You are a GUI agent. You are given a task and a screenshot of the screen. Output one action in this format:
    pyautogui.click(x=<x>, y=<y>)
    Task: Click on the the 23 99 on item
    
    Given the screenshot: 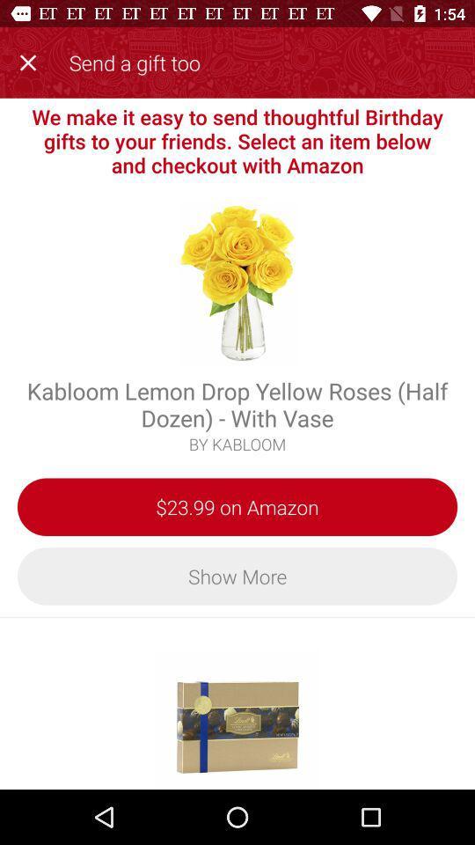 What is the action you would take?
    pyautogui.click(x=237, y=507)
    